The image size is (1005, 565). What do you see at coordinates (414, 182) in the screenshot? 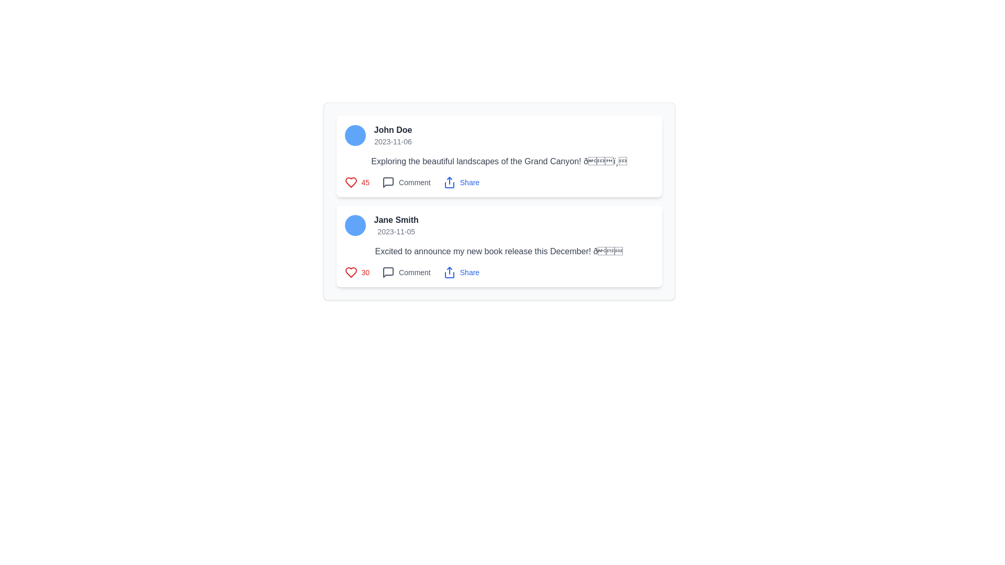
I see `the static text label for adding or viewing comments related to the post, located near the center-right of the second row, next to a speech-bubble icon` at bounding box center [414, 182].